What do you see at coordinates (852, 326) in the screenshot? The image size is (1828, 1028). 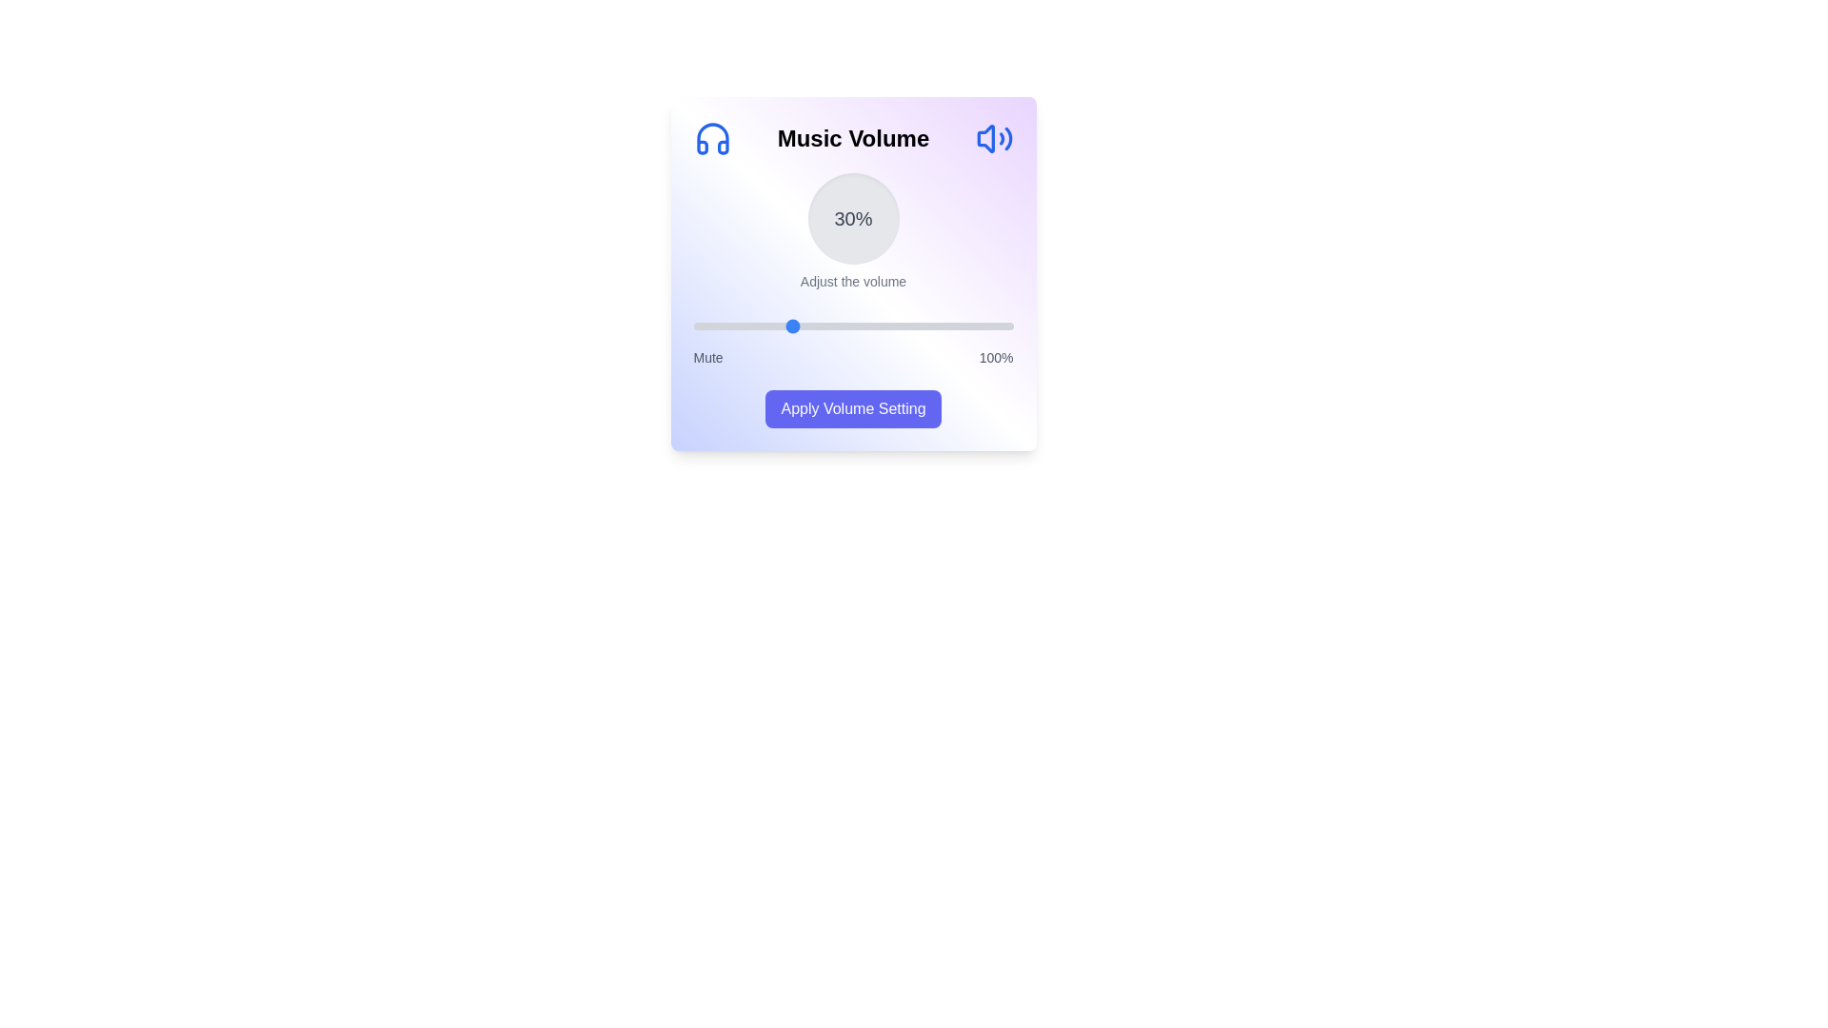 I see `the volume slider to 50%` at bounding box center [852, 326].